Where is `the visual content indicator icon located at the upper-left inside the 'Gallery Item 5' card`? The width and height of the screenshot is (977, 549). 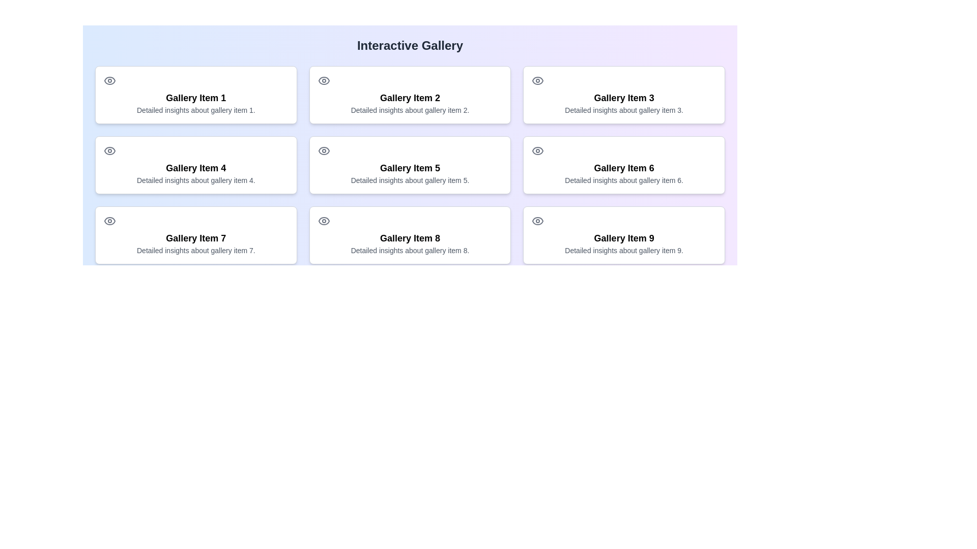 the visual content indicator icon located at the upper-left inside the 'Gallery Item 5' card is located at coordinates (323, 151).